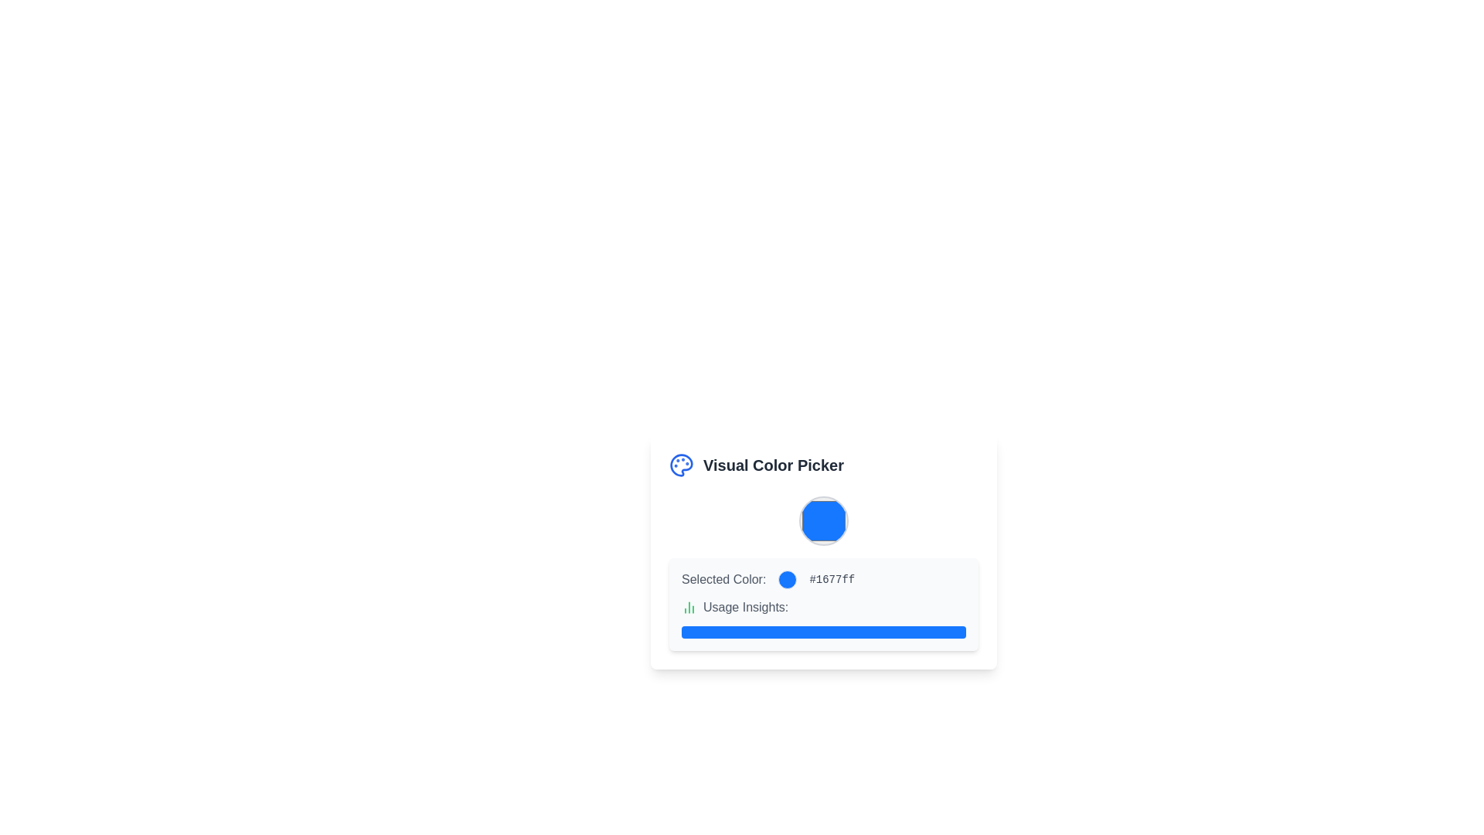  I want to click on text label that serves as a title for the interface section, located to the right of a blue palette icon and above a blue-colored circle, so click(773, 464).